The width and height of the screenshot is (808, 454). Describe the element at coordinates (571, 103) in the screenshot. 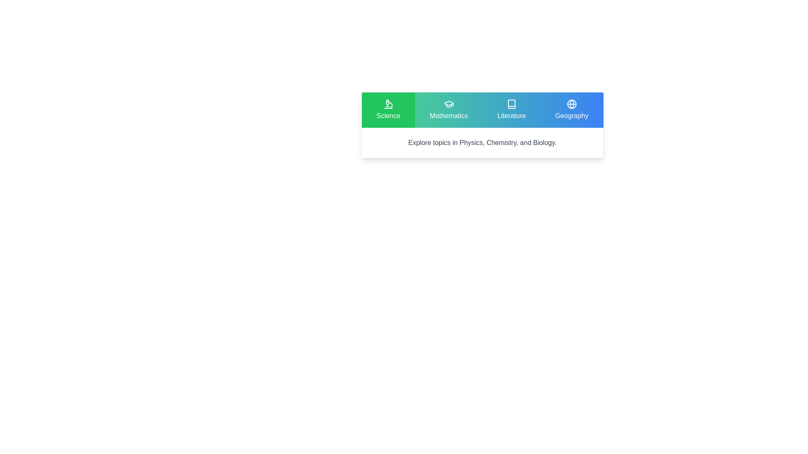

I see `the Geography category icon located on the far right of the subject list, which includes Science, Mathematics, and Literature` at that location.